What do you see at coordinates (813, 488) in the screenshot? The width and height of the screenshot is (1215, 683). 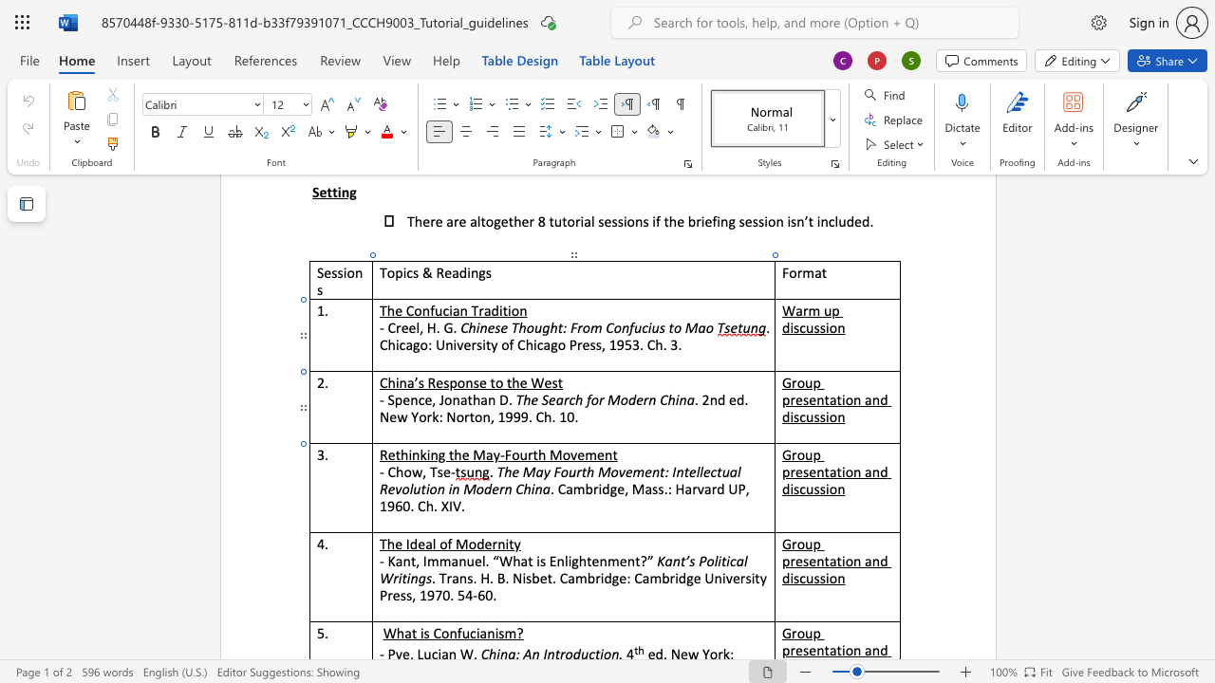 I see `the space between the continuous character "u" and "s" in the text` at bounding box center [813, 488].